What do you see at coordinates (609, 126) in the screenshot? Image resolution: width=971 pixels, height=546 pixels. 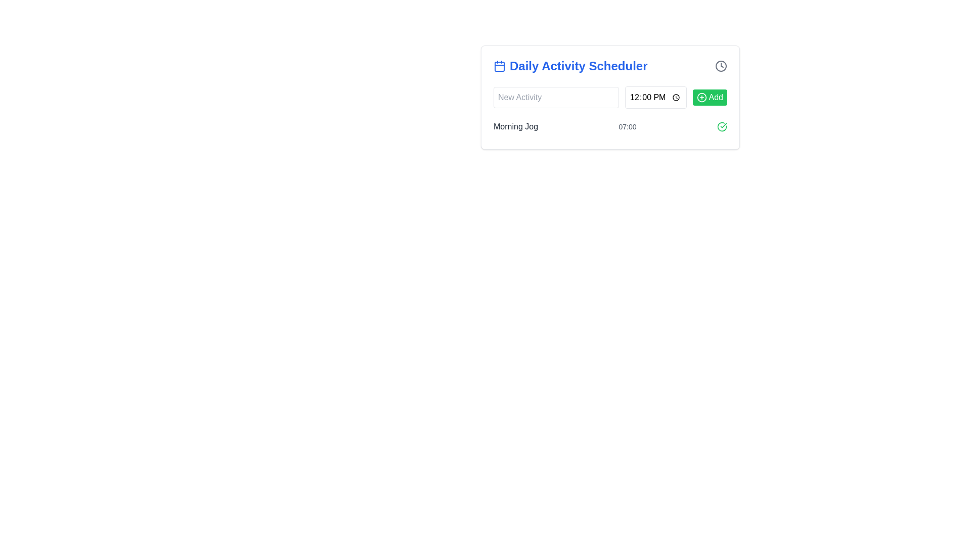 I see `the 'Morning Jog' activity rowed list item with completion indicator` at bounding box center [609, 126].